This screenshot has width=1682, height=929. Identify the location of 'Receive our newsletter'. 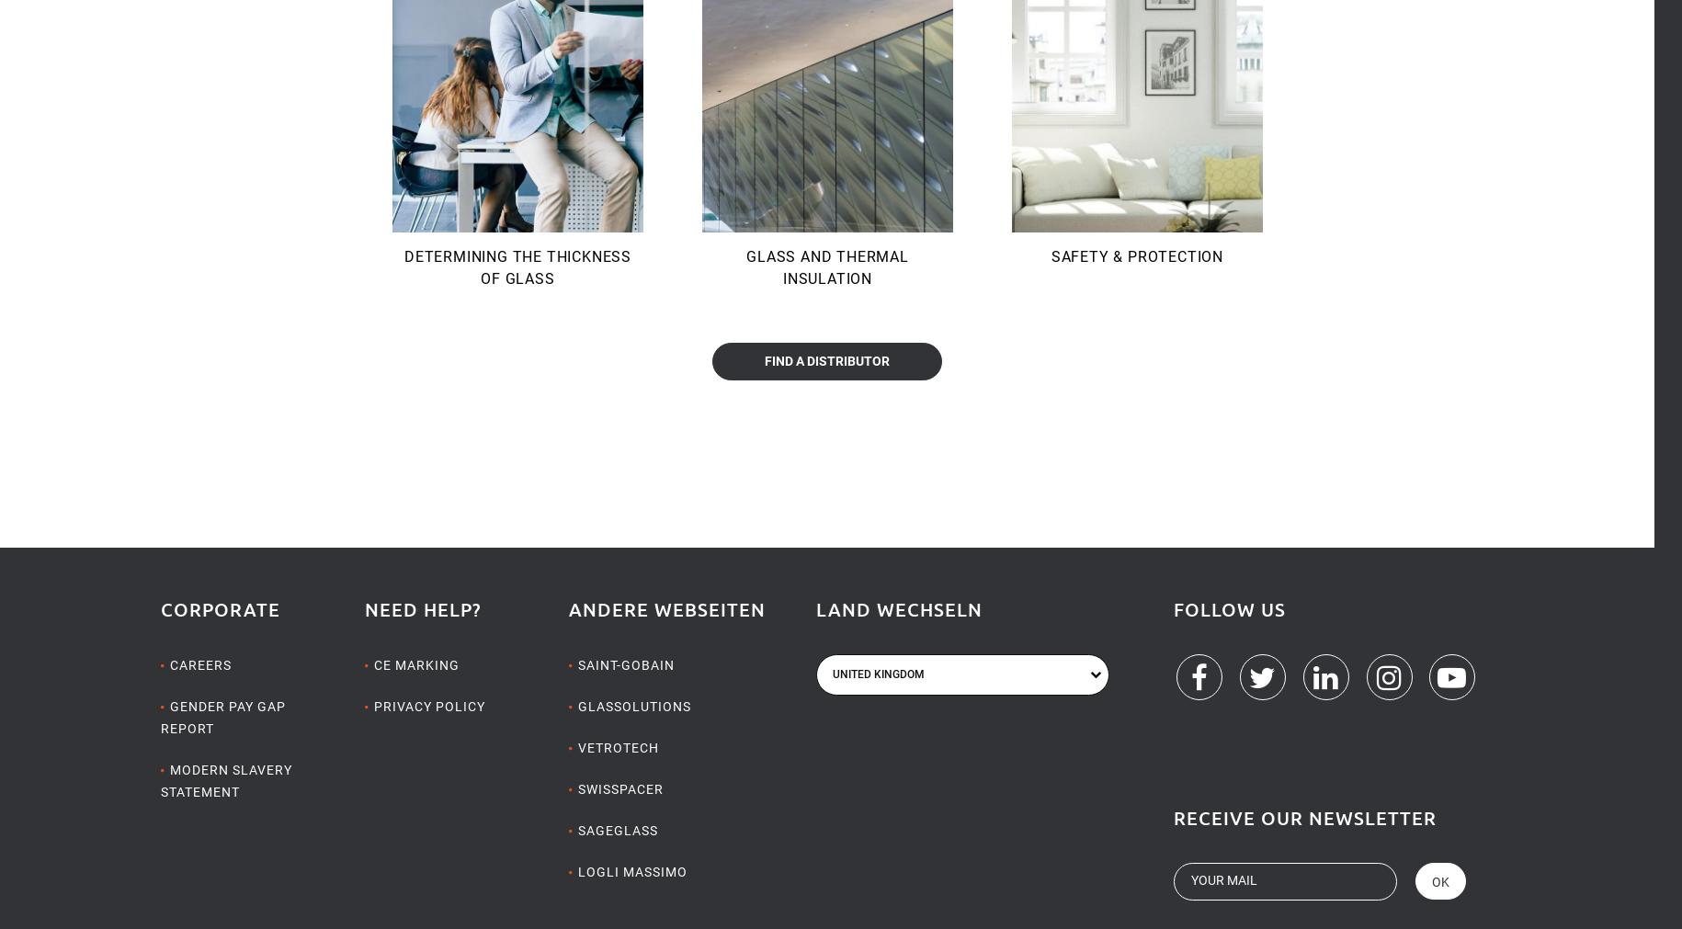
(1173, 817).